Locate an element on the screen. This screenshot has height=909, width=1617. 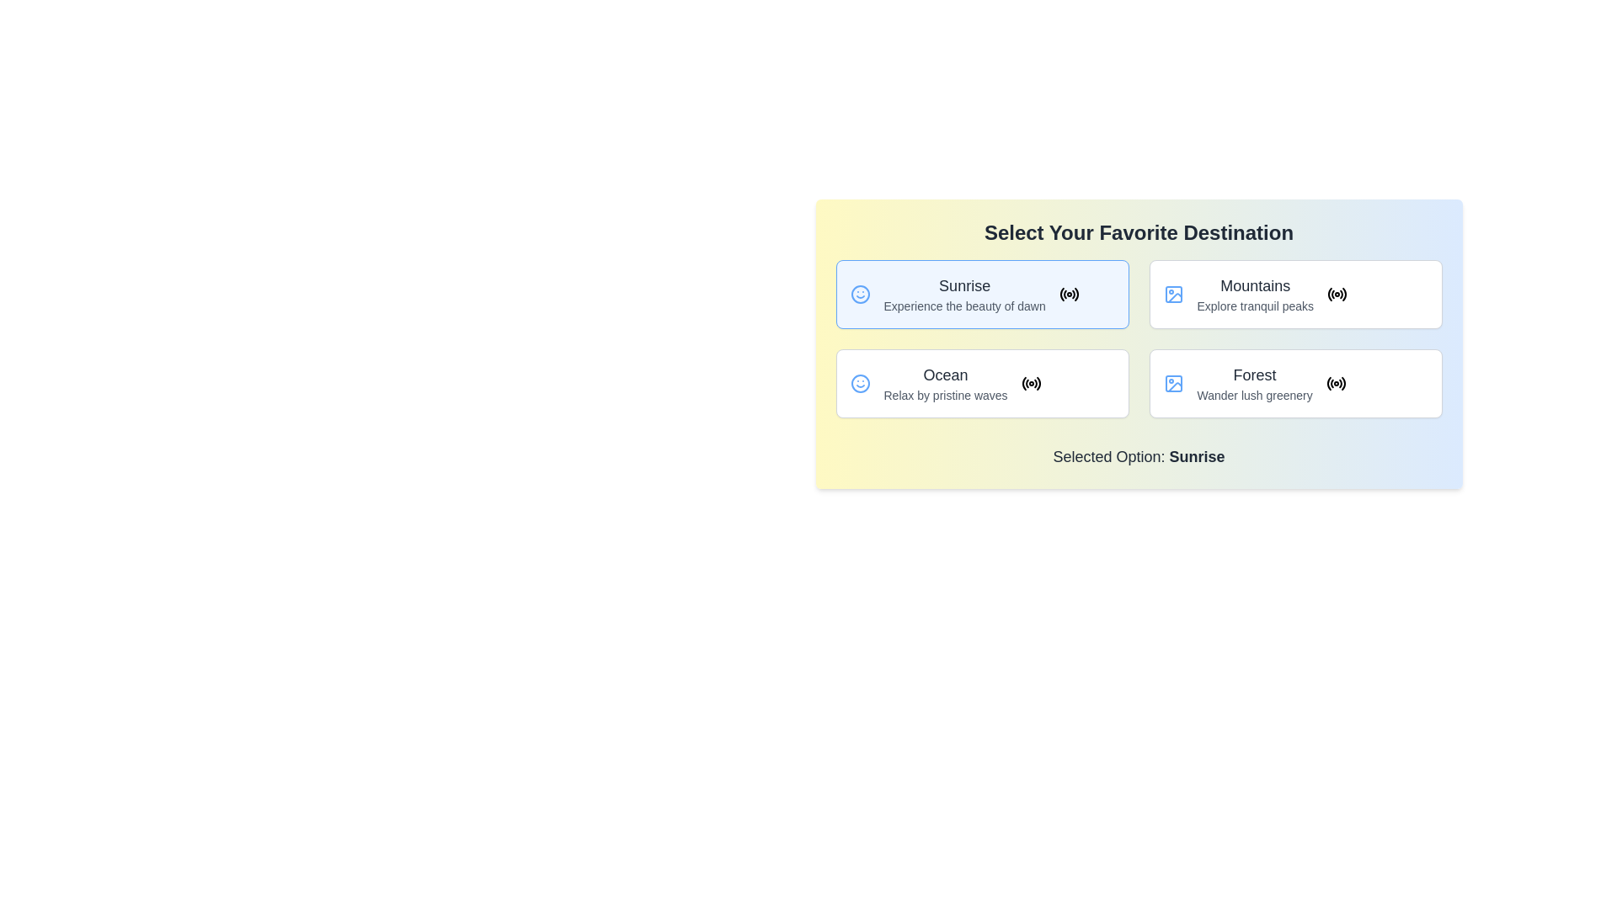
the picture frame icon styled in blue, located in the center left portion of the 'Forest' card is located at coordinates (1172, 383).